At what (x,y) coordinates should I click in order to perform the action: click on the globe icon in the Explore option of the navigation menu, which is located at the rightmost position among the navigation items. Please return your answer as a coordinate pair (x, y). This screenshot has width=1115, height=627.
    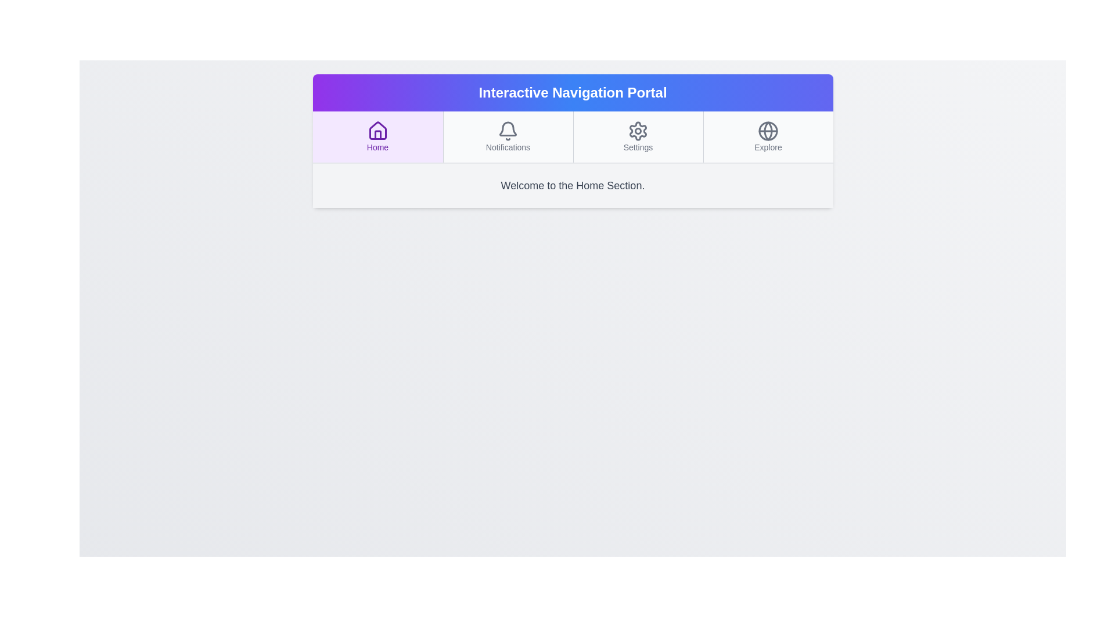
    Looking at the image, I should click on (768, 131).